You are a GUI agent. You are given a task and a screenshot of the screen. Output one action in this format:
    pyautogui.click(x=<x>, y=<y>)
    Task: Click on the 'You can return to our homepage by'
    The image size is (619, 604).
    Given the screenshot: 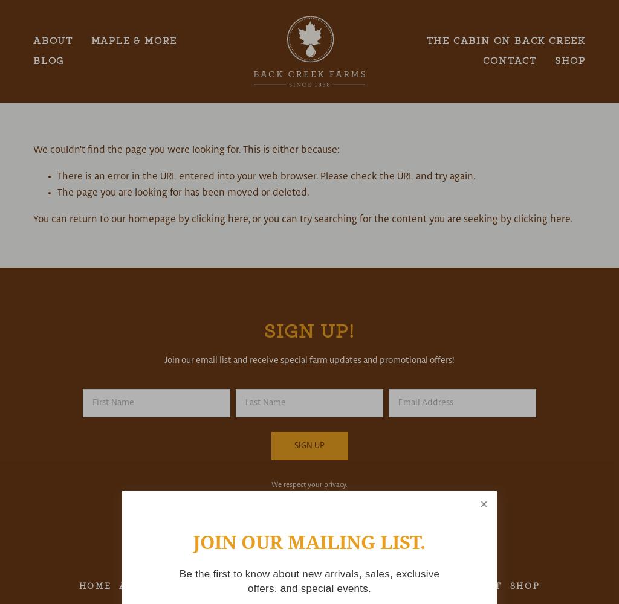 What is the action you would take?
    pyautogui.click(x=112, y=219)
    